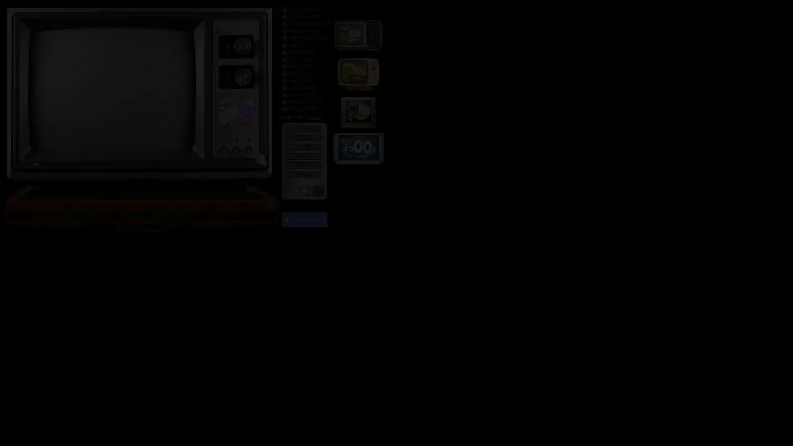 The width and height of the screenshot is (793, 446). Describe the element at coordinates (303, 165) in the screenshot. I see `VOL -` at that location.